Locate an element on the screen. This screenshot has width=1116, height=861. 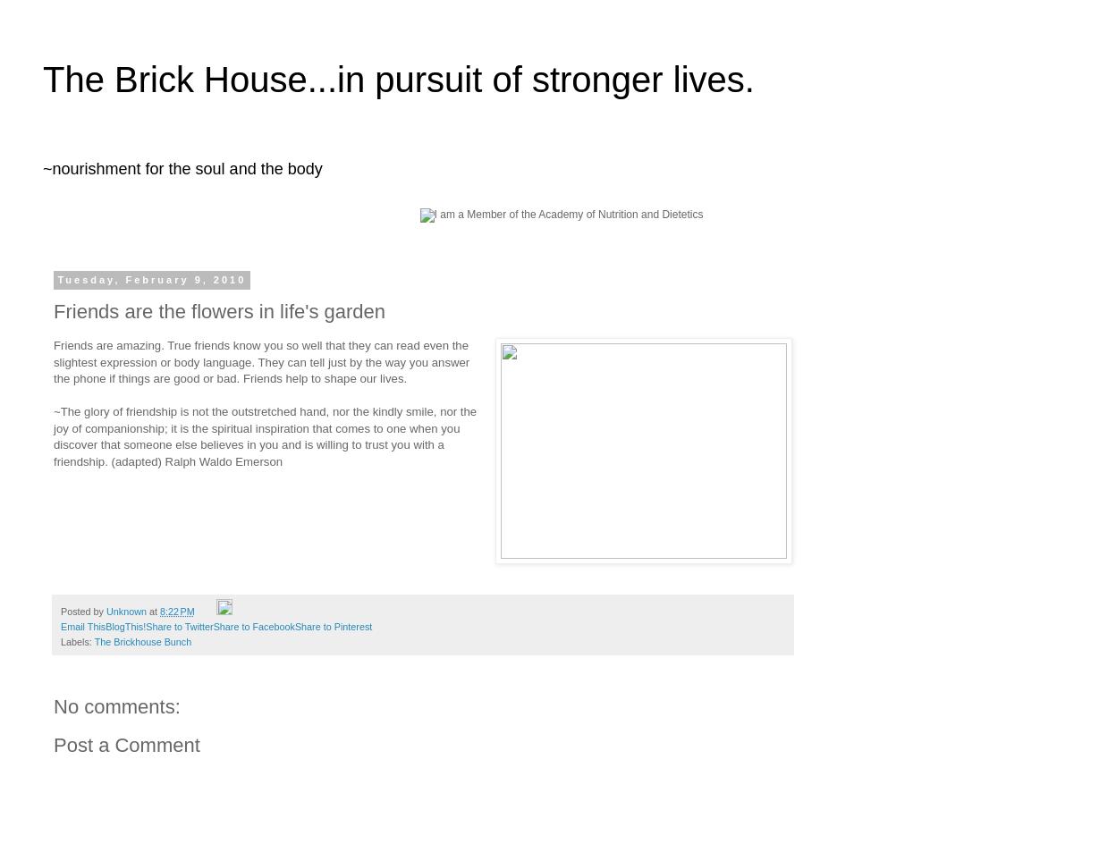
'Tuesday, February 9, 2010' is located at coordinates (150, 279).